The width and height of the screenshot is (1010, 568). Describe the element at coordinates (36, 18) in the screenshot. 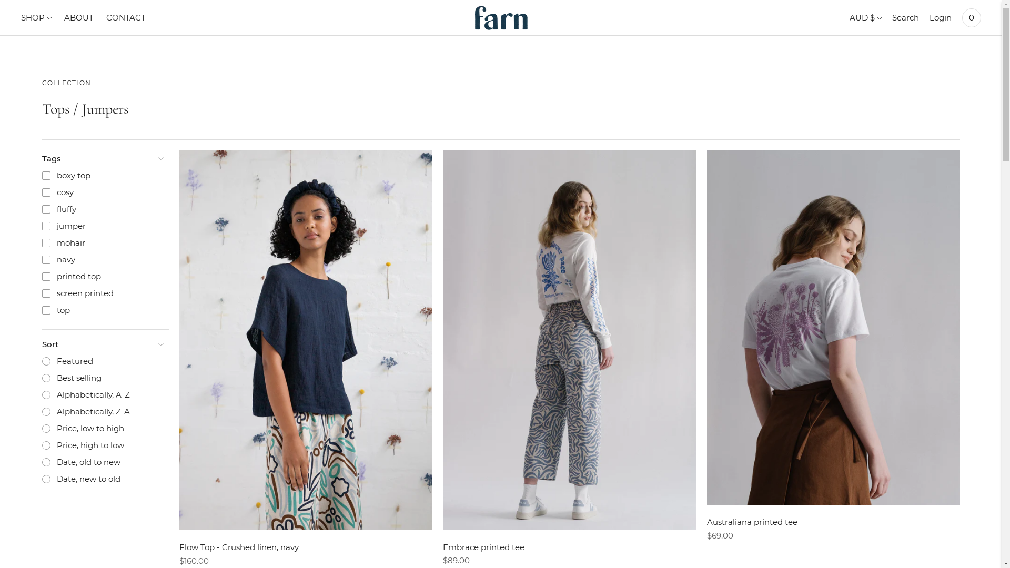

I see `'SHOP'` at that location.